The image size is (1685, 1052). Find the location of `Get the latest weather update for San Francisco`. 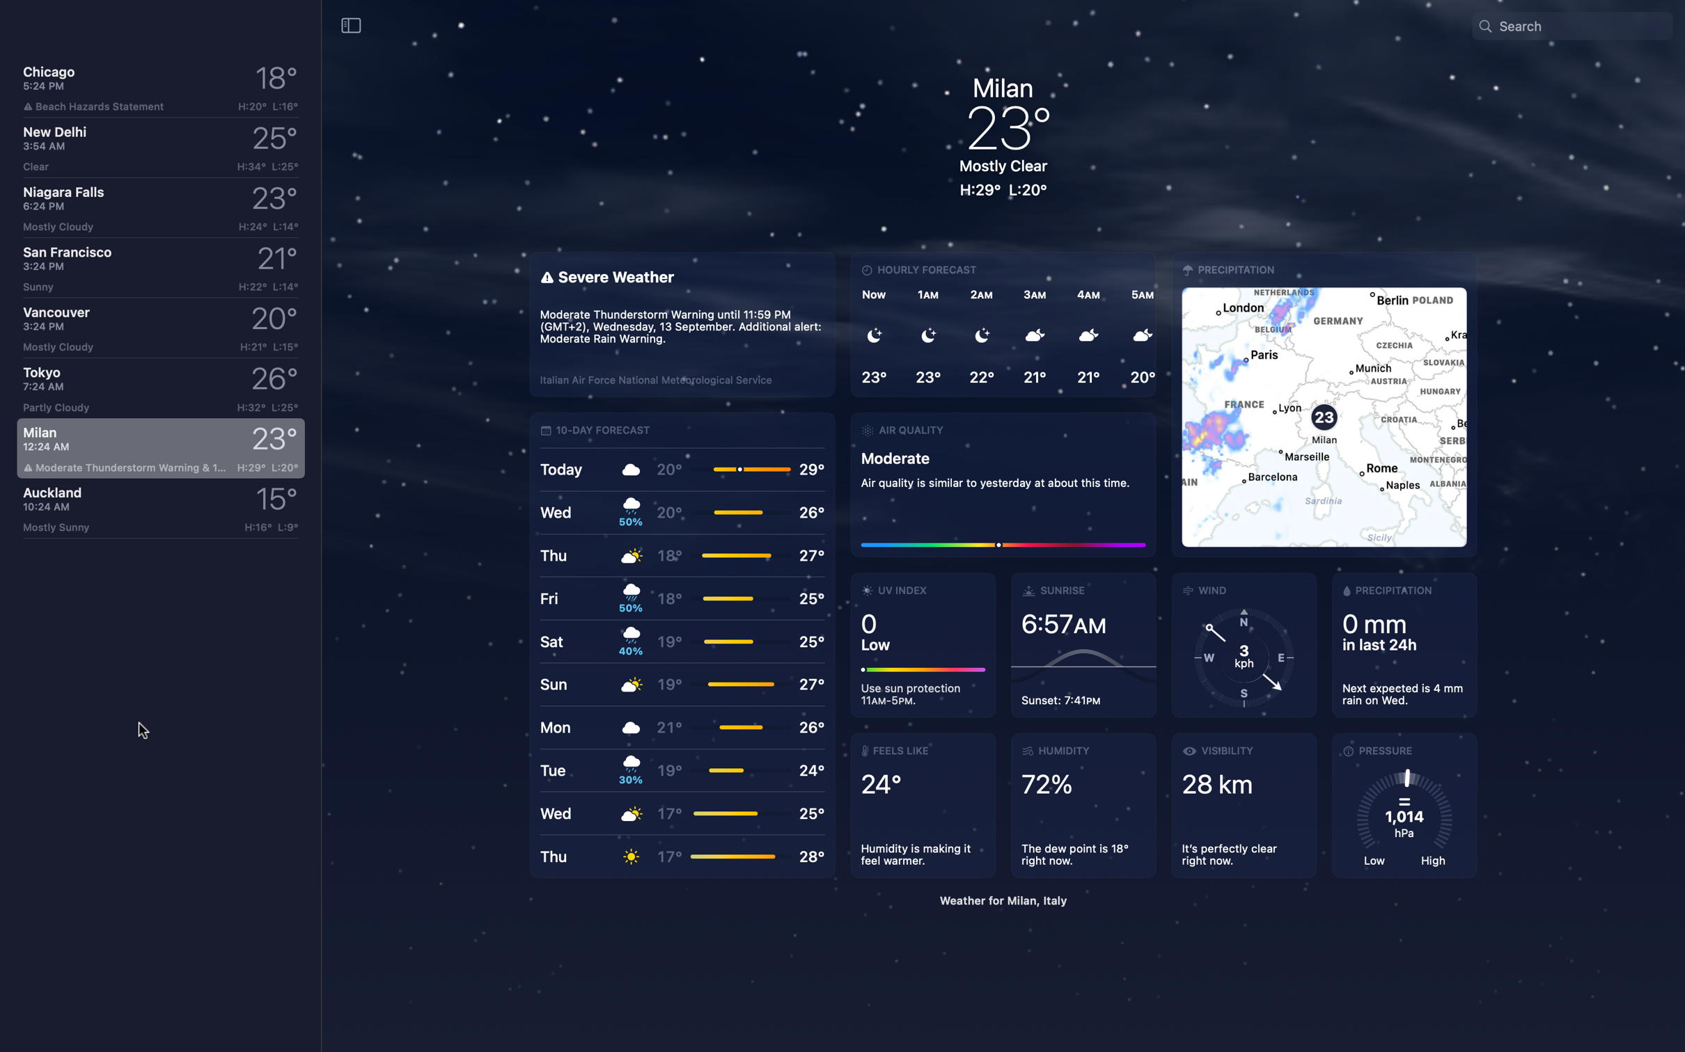

Get the latest weather update for San Francisco is located at coordinates (157, 266).